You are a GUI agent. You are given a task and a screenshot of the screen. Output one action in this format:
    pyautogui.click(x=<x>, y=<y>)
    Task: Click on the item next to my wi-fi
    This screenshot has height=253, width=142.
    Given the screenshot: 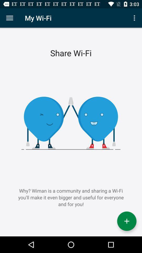 What is the action you would take?
    pyautogui.click(x=9, y=18)
    